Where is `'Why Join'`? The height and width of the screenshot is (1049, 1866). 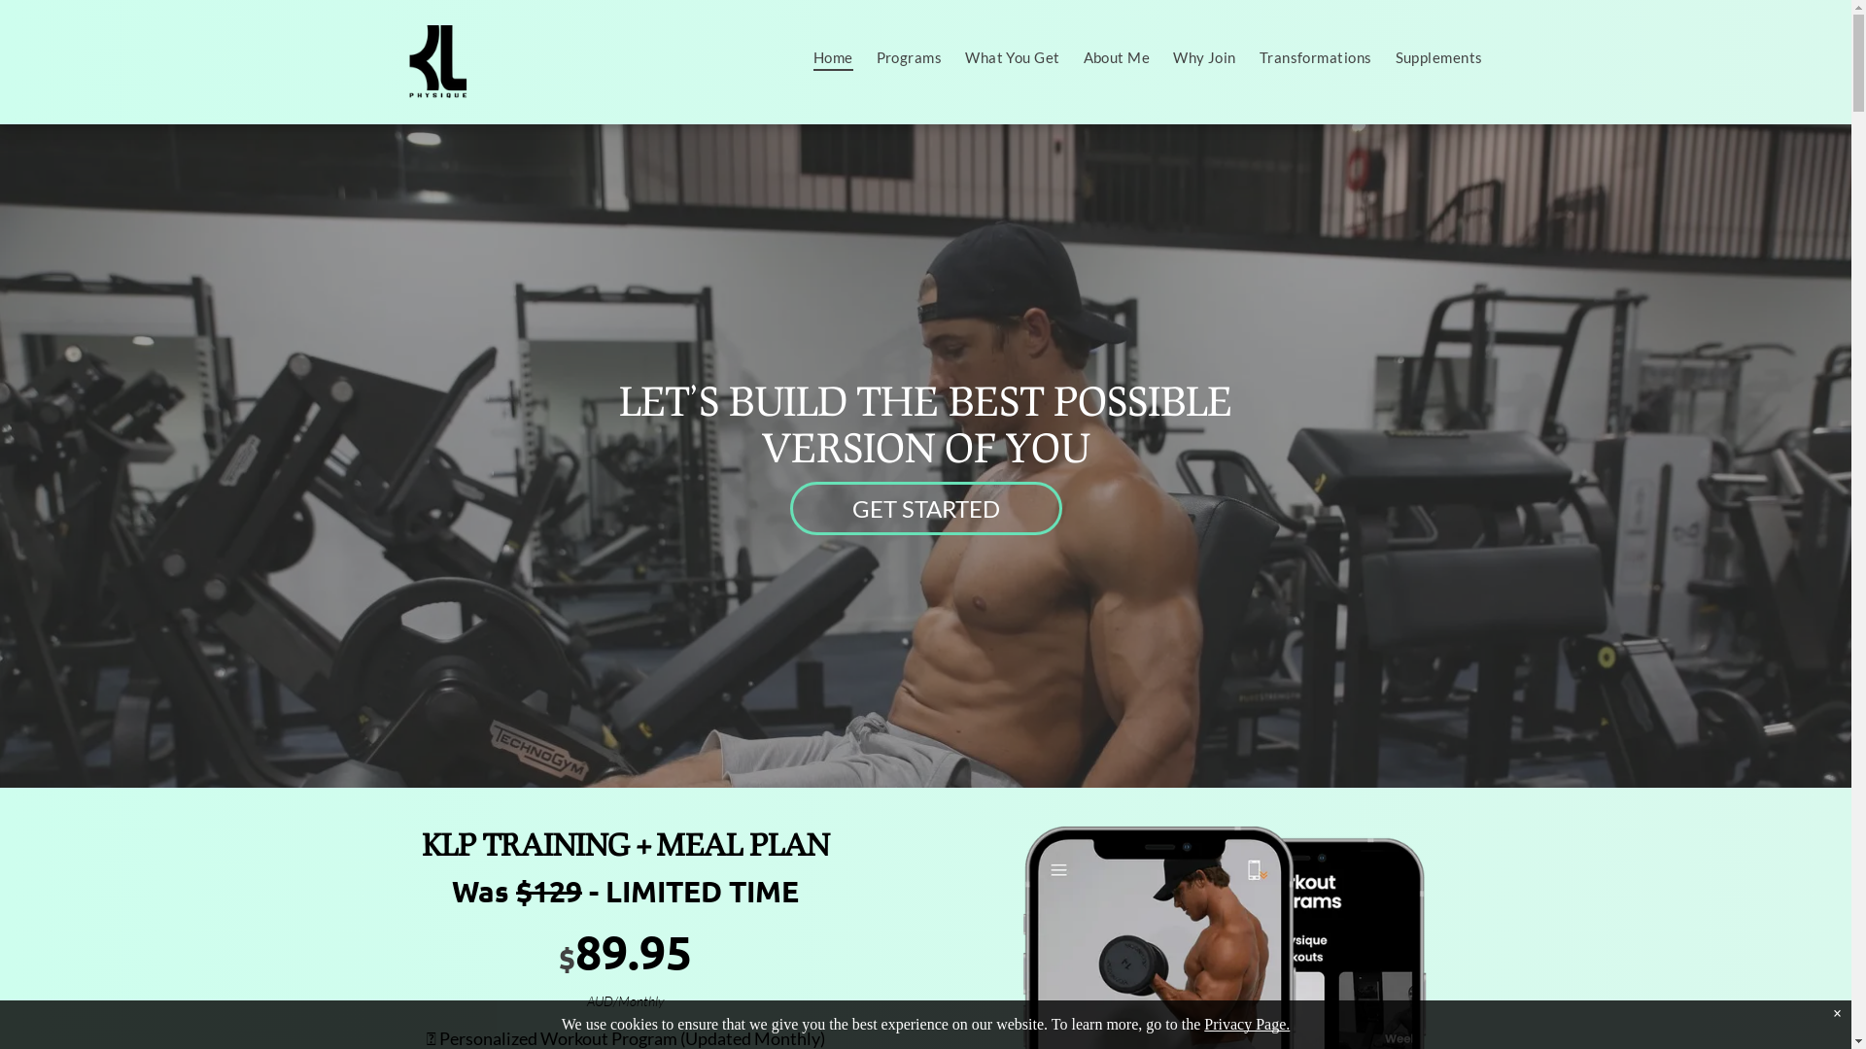
'Why Join' is located at coordinates (1203, 55).